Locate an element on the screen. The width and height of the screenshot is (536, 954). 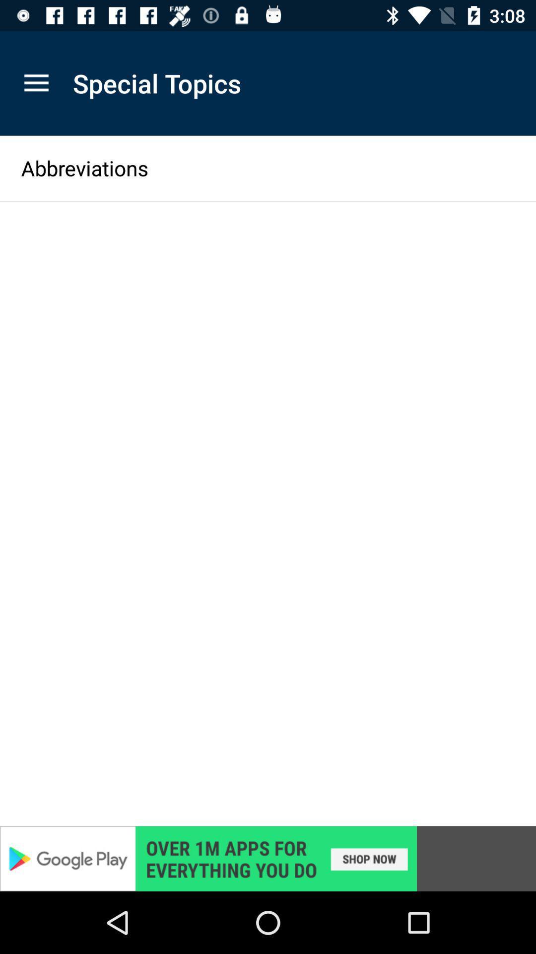
in app advertisement is located at coordinates (268, 858).